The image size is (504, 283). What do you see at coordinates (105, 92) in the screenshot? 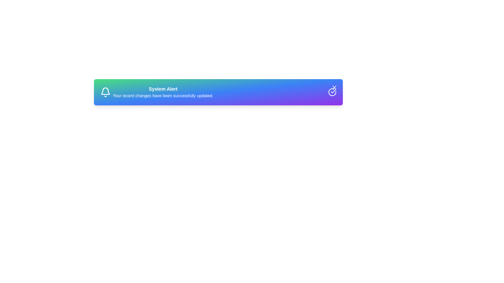
I see `the alert icon on the left of the alert component` at bounding box center [105, 92].